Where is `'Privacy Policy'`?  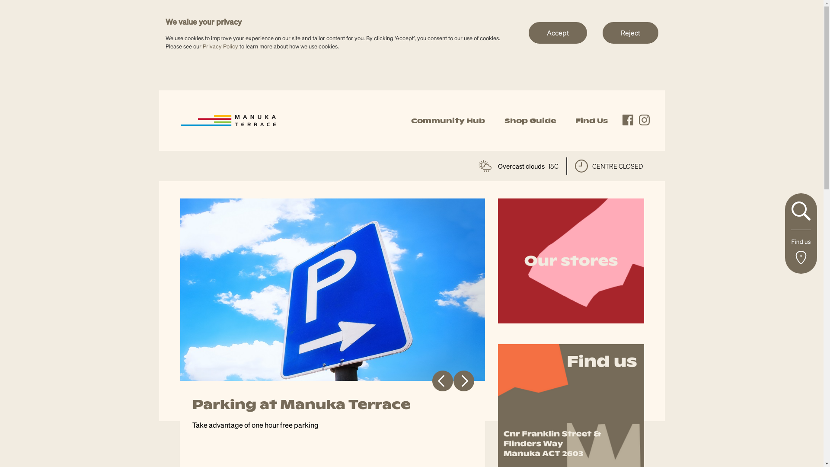 'Privacy Policy' is located at coordinates (220, 46).